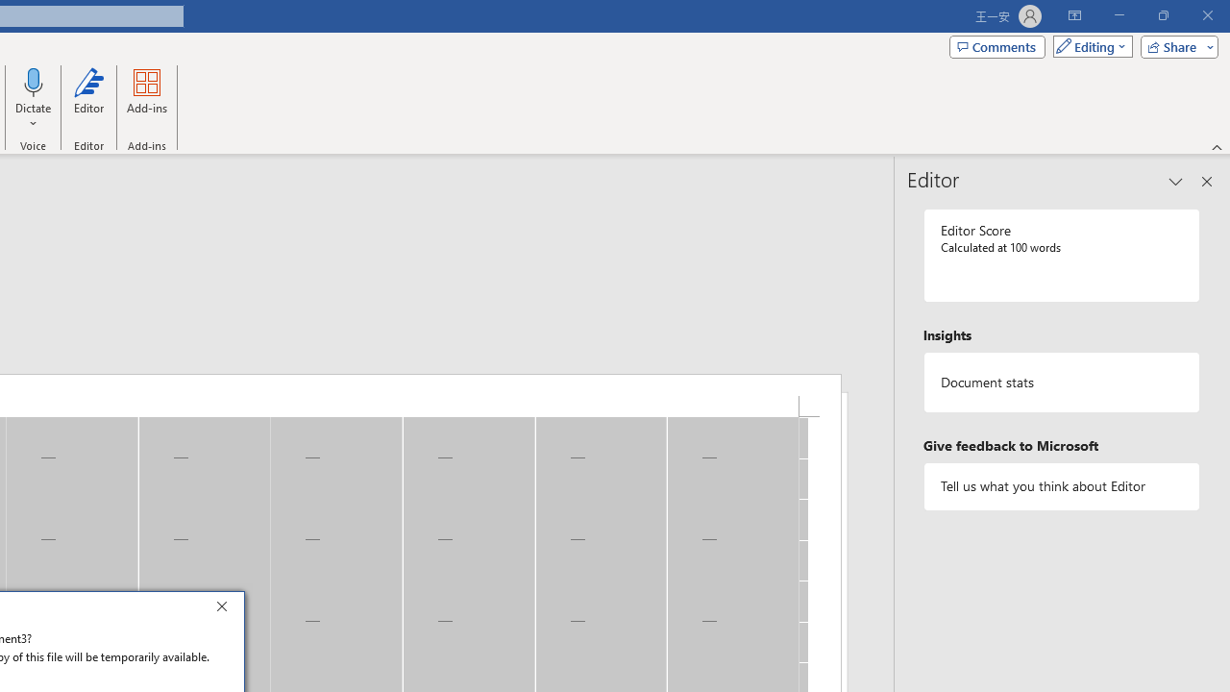 The width and height of the screenshot is (1230, 692). What do you see at coordinates (1061, 485) in the screenshot?
I see `'Tell us what you think about Editor'` at bounding box center [1061, 485].